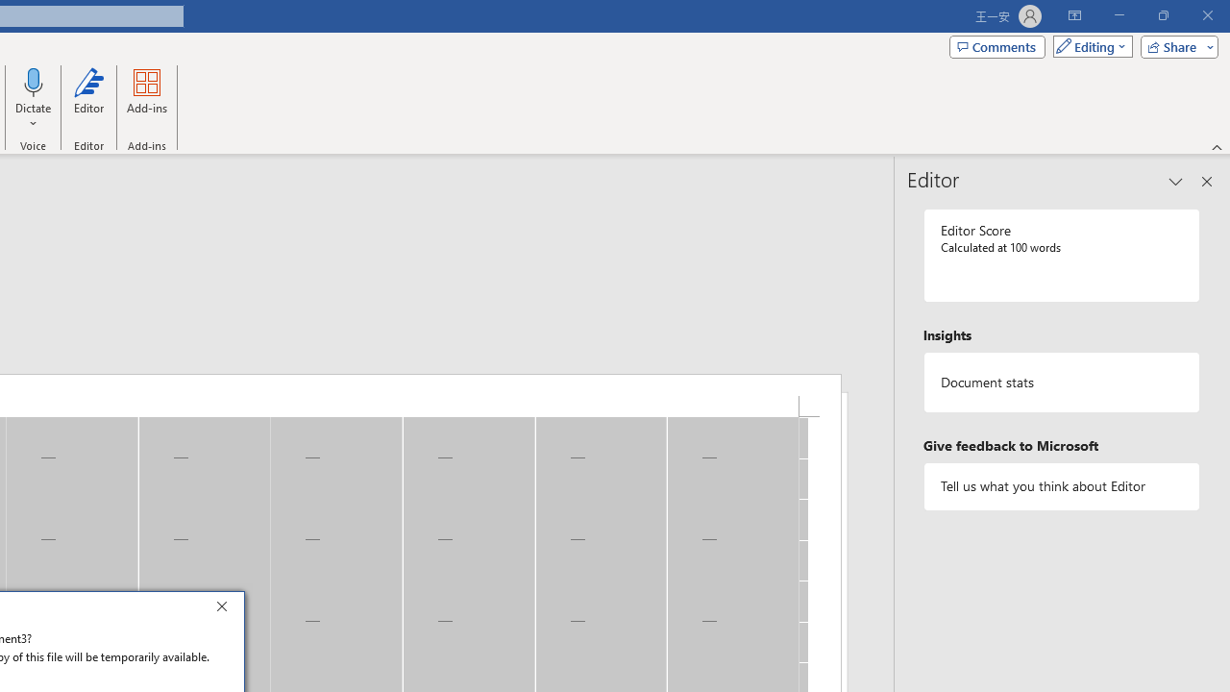 The width and height of the screenshot is (1230, 692). What do you see at coordinates (1061, 485) in the screenshot?
I see `'Tell us what you think about Editor'` at bounding box center [1061, 485].